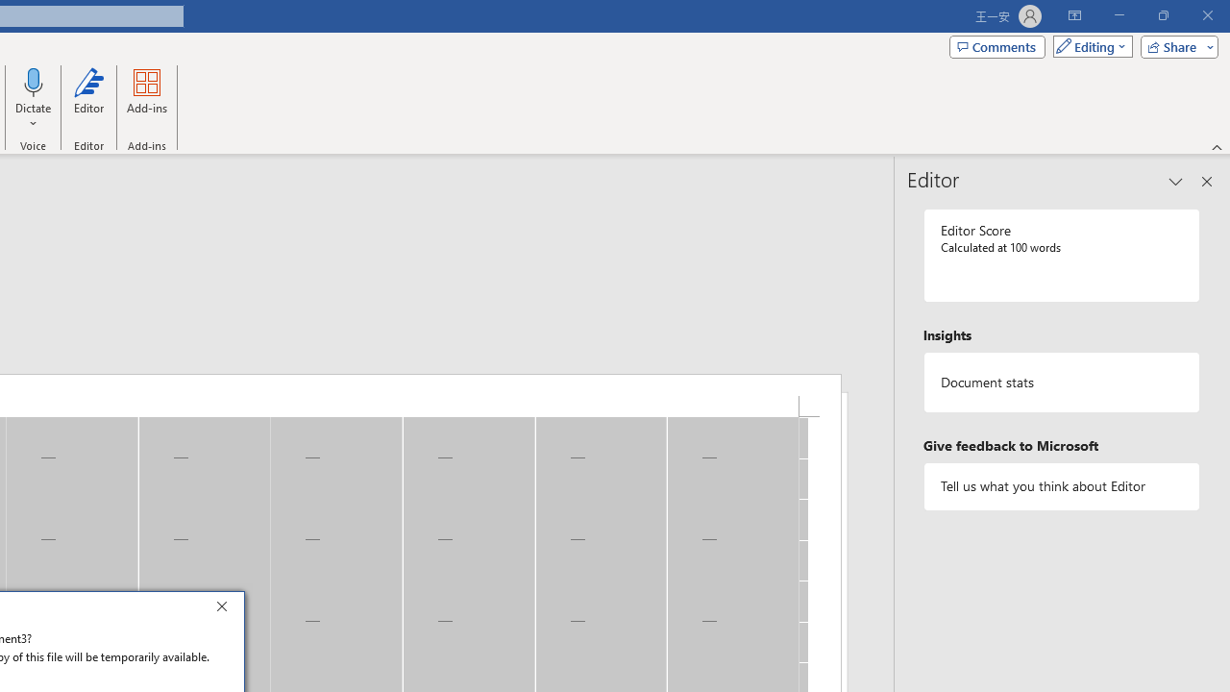 The width and height of the screenshot is (1230, 692). What do you see at coordinates (1061, 485) in the screenshot?
I see `'Tell us what you think about Editor'` at bounding box center [1061, 485].